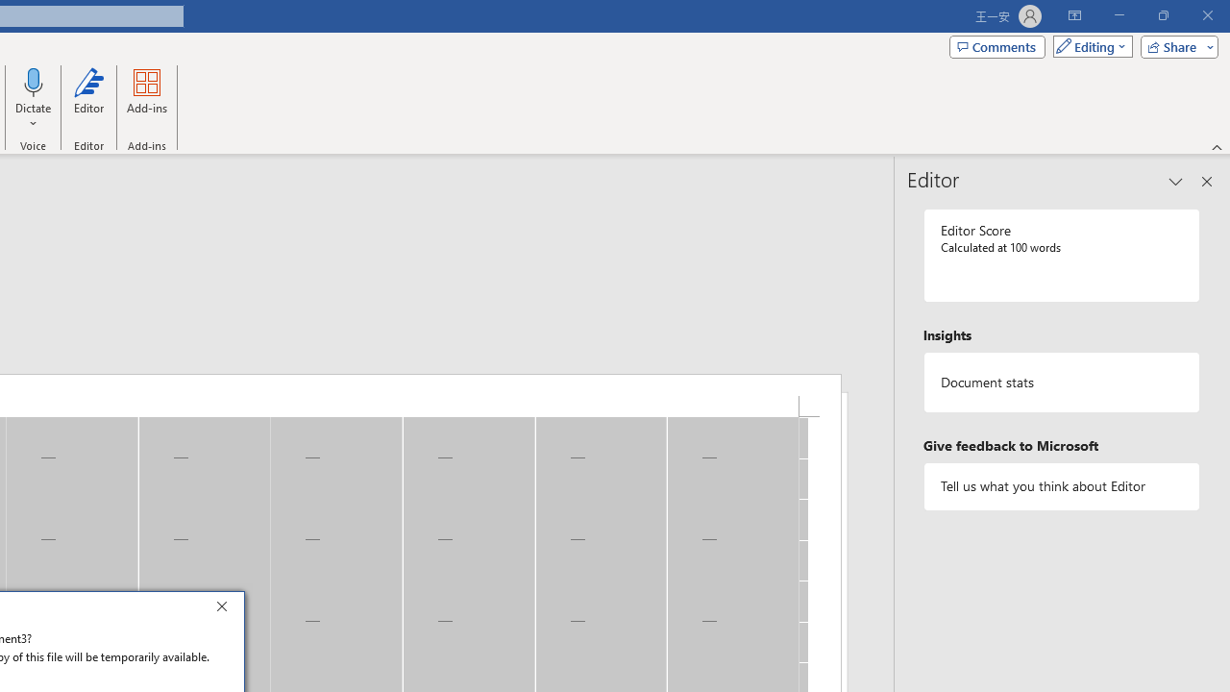 The width and height of the screenshot is (1230, 692). What do you see at coordinates (1061, 485) in the screenshot?
I see `'Tell us what you think about Editor'` at bounding box center [1061, 485].